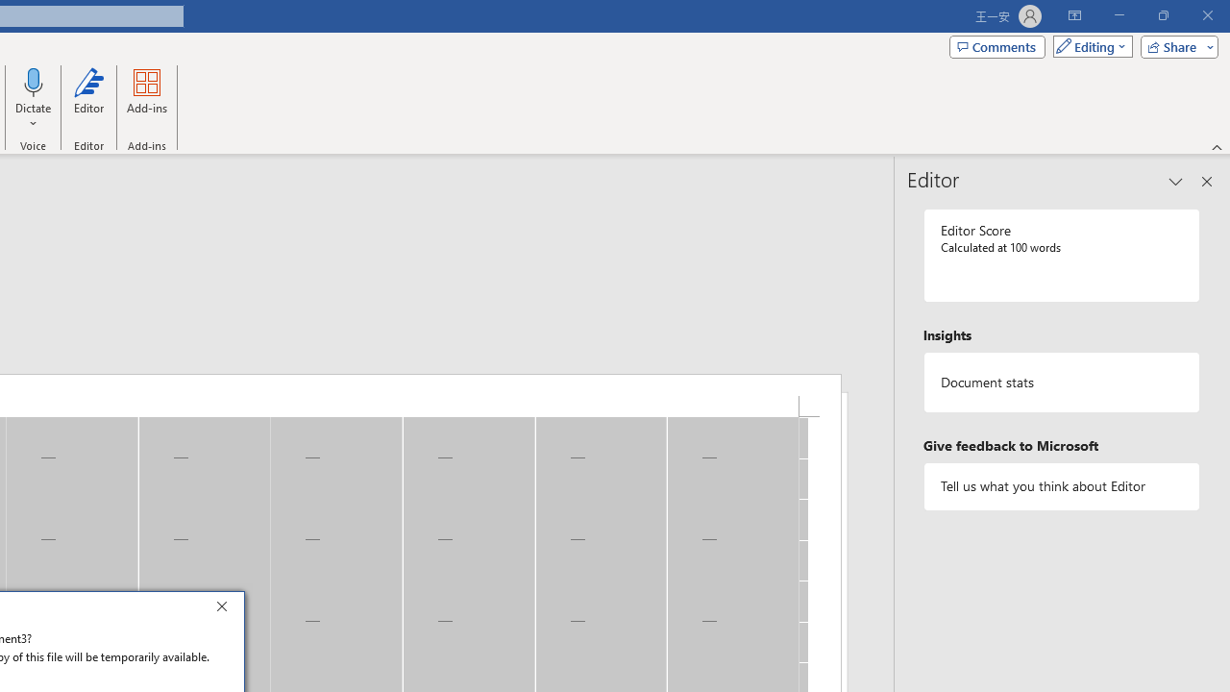 The width and height of the screenshot is (1230, 692). What do you see at coordinates (1061, 485) in the screenshot?
I see `'Tell us what you think about Editor'` at bounding box center [1061, 485].